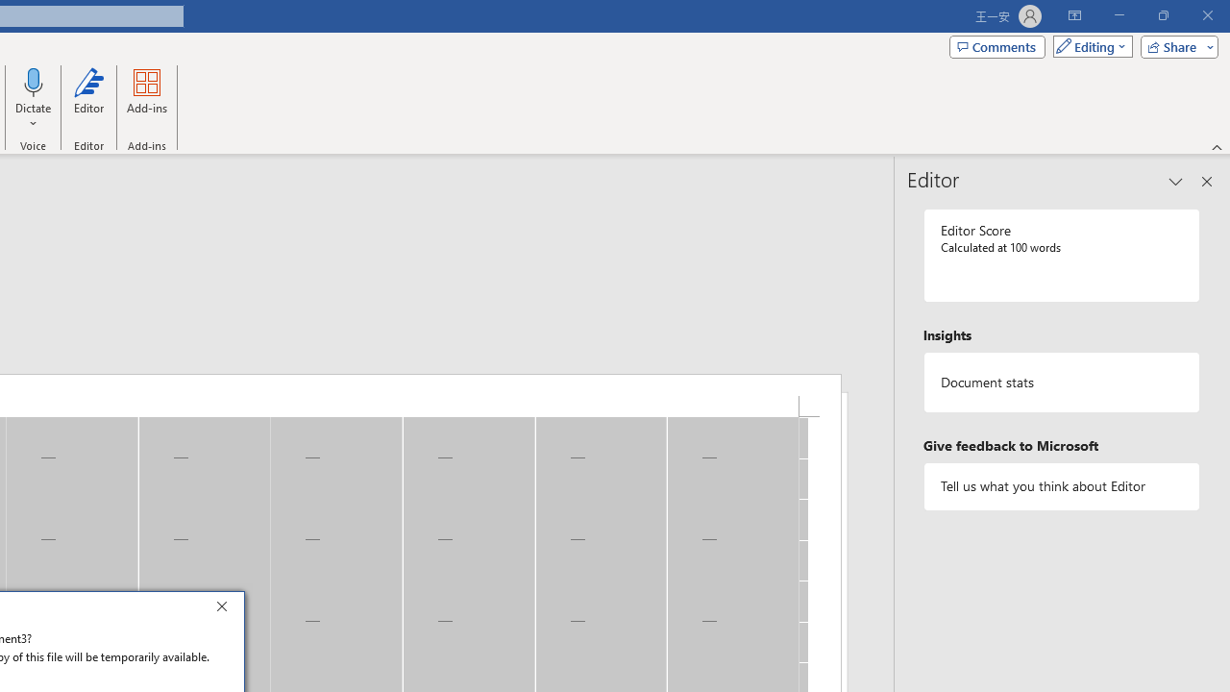 The width and height of the screenshot is (1230, 692). What do you see at coordinates (1061, 485) in the screenshot?
I see `'Tell us what you think about Editor'` at bounding box center [1061, 485].